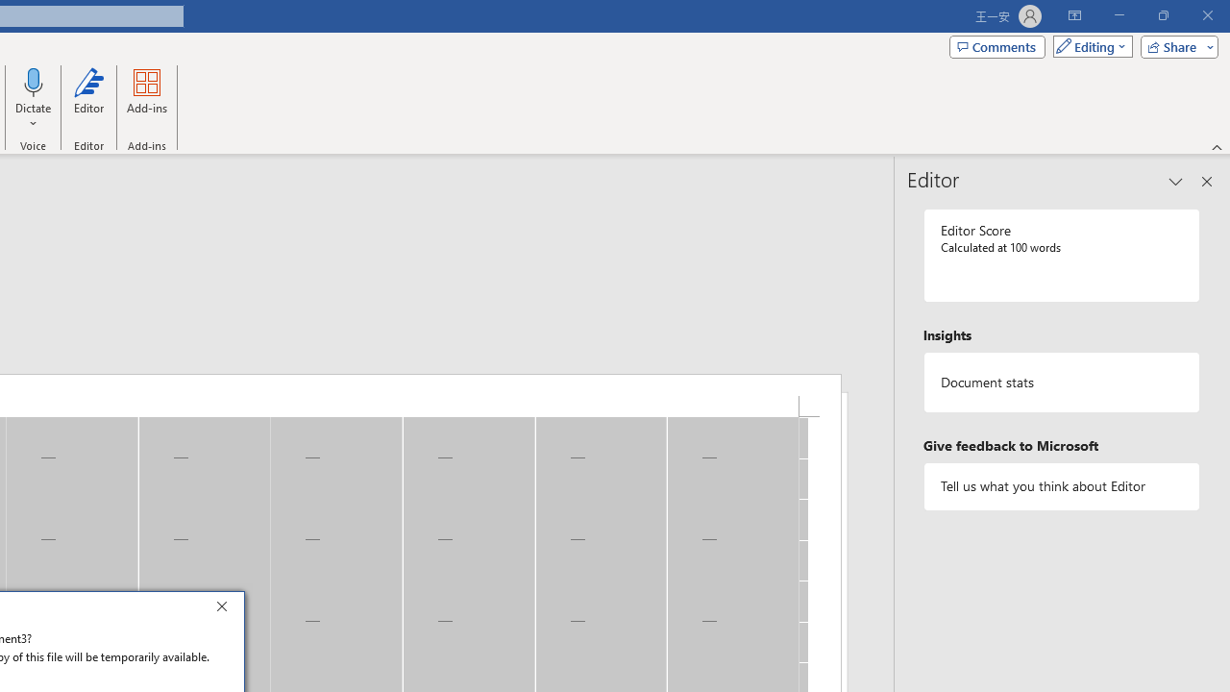 The width and height of the screenshot is (1230, 692). What do you see at coordinates (1061, 485) in the screenshot?
I see `'Tell us what you think about Editor'` at bounding box center [1061, 485].